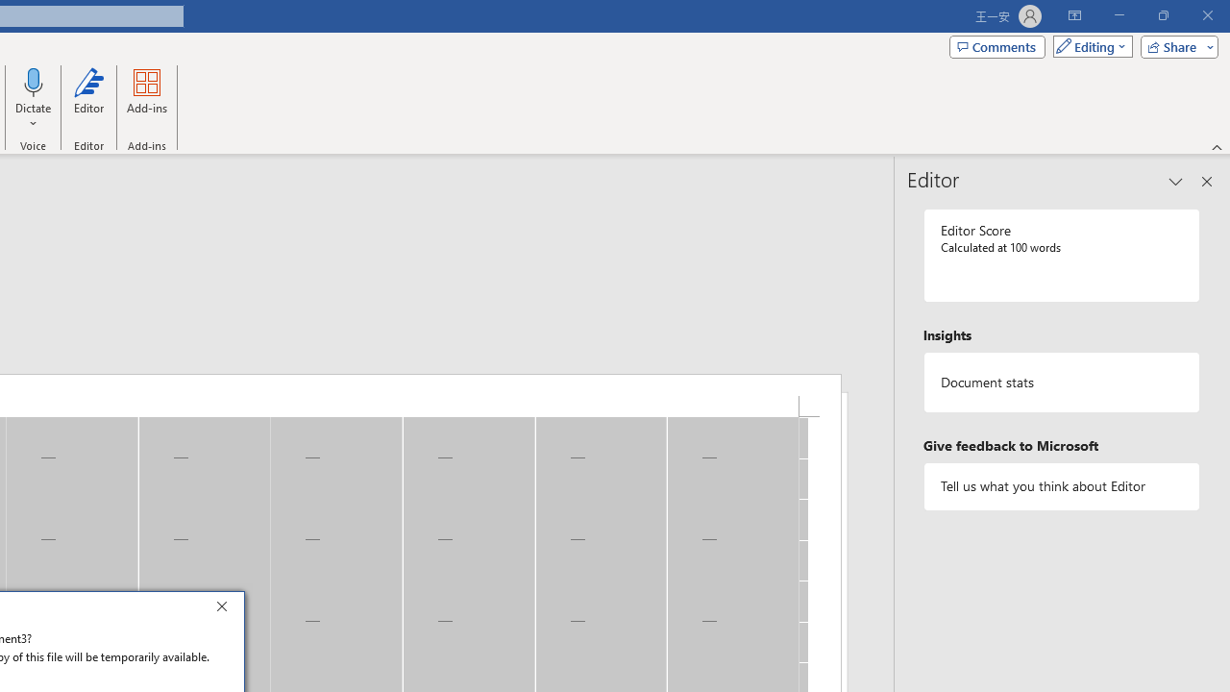 The width and height of the screenshot is (1230, 692). What do you see at coordinates (1061, 485) in the screenshot?
I see `'Tell us what you think about Editor'` at bounding box center [1061, 485].